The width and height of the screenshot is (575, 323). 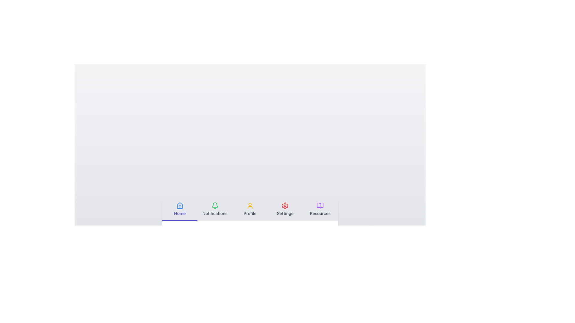 What do you see at coordinates (320, 209) in the screenshot?
I see `the lavender button resembling an open book above the text 'Resources'` at bounding box center [320, 209].